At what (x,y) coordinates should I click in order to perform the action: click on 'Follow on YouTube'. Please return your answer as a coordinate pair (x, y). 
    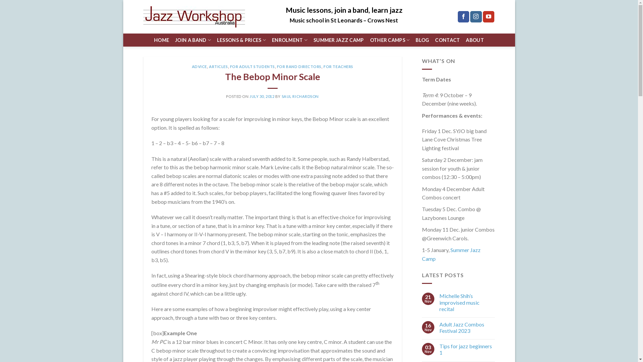
    Looking at the image, I should click on (489, 16).